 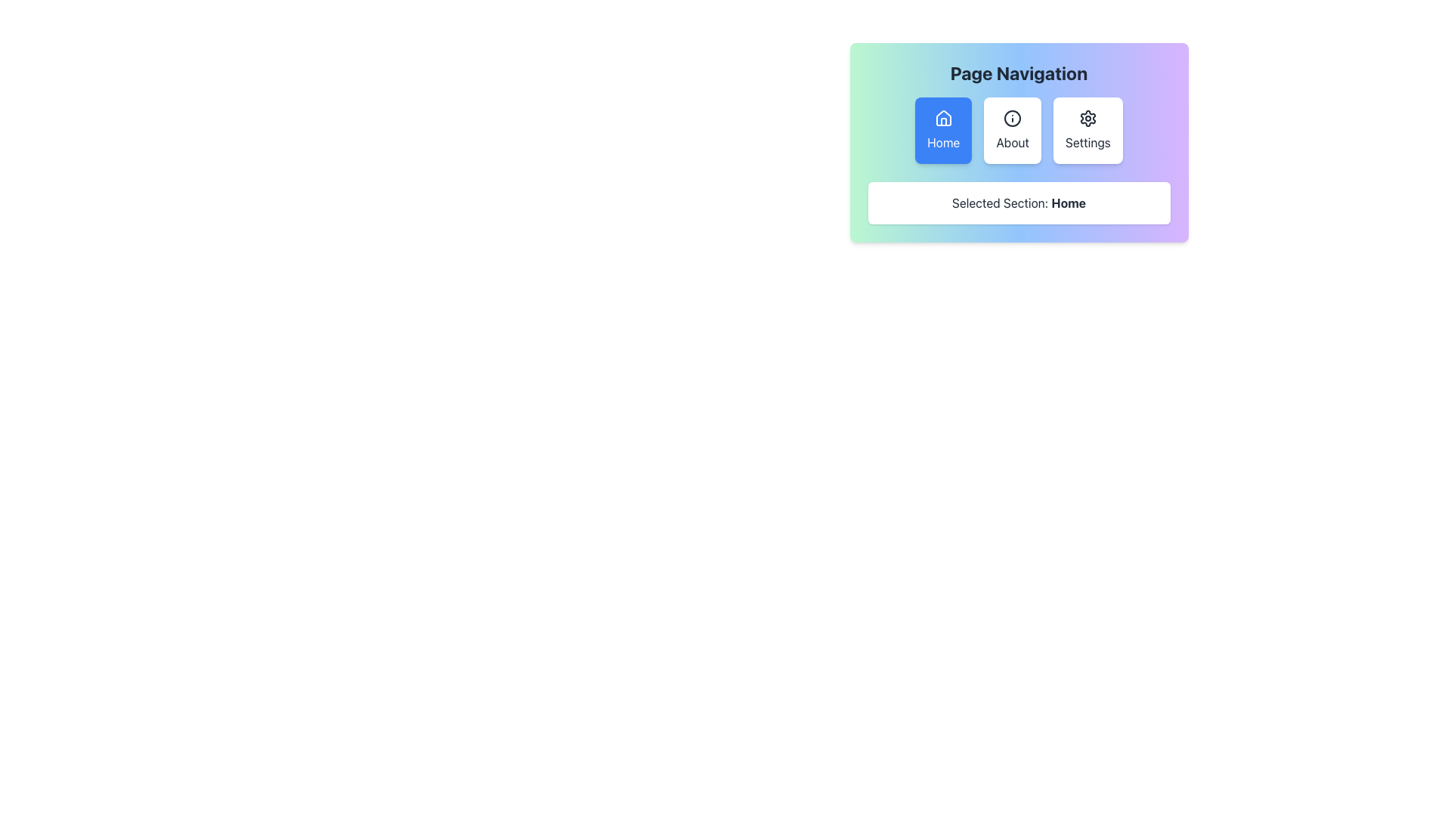 I want to click on 'Home' label located at the bottom center of the 'Home' navigation button in the 'Page Navigation' panel, so click(x=942, y=143).